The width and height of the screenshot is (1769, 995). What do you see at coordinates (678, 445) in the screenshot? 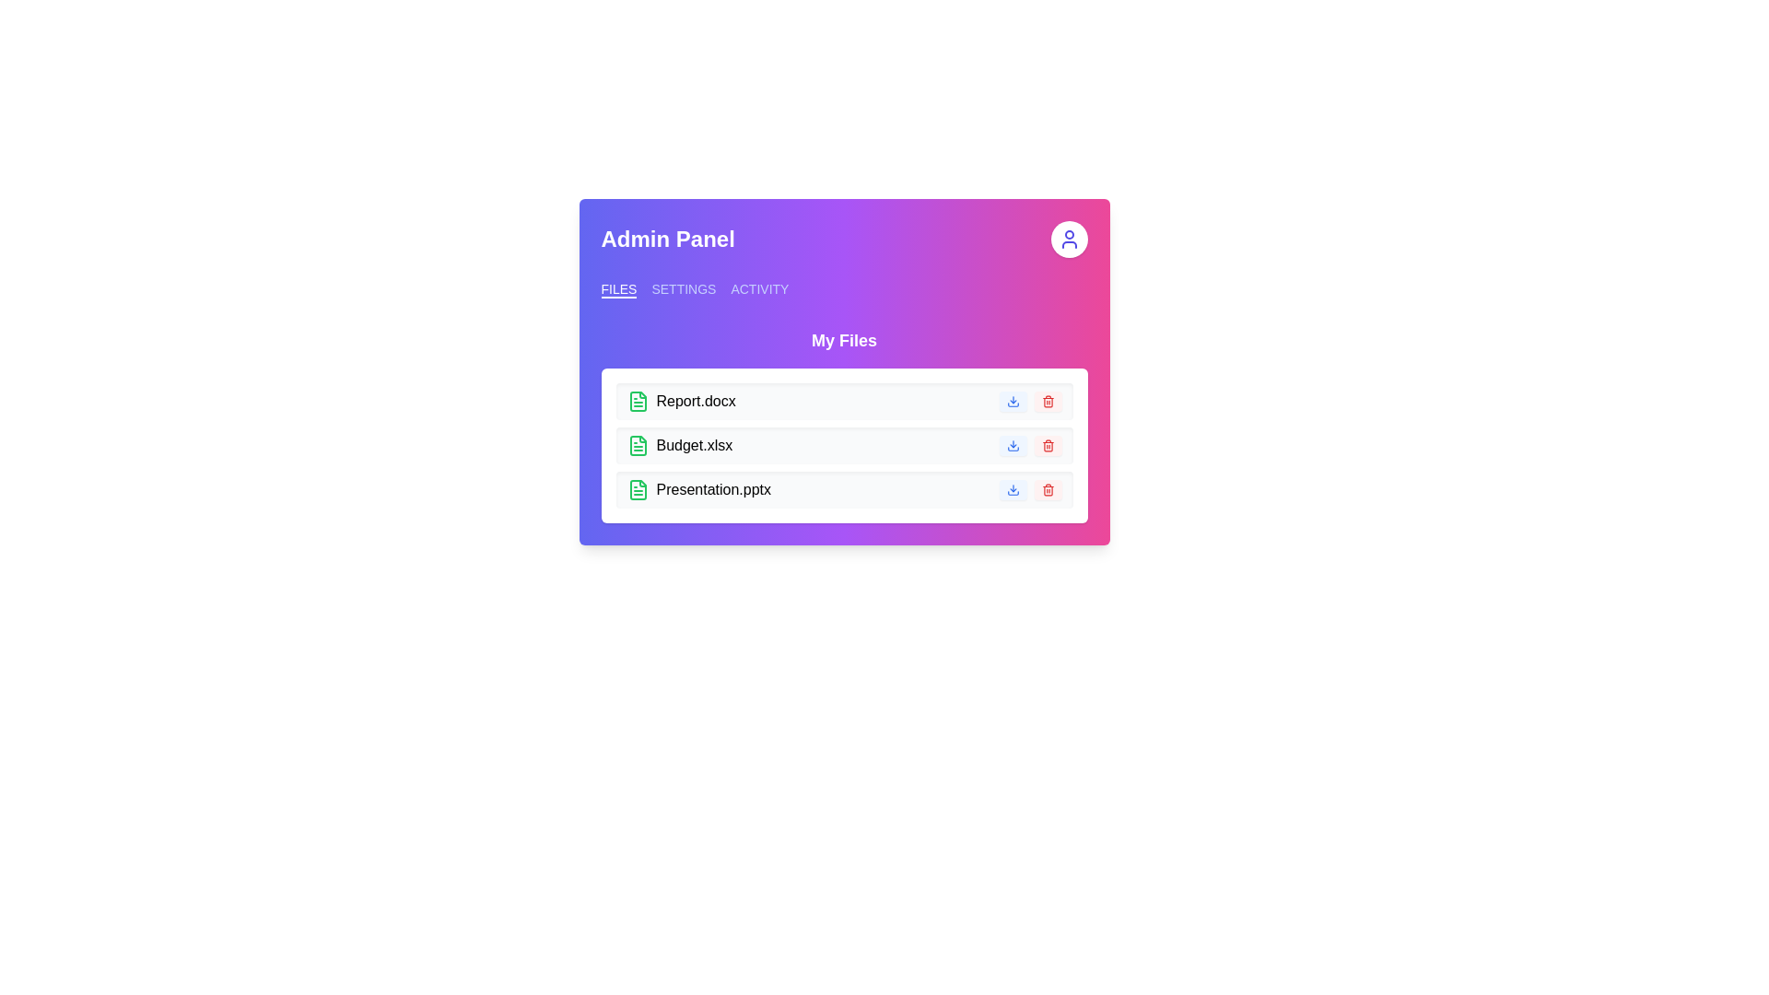
I see `on the 'Budget.xlsx' file item in the 'My Files' section` at bounding box center [678, 445].